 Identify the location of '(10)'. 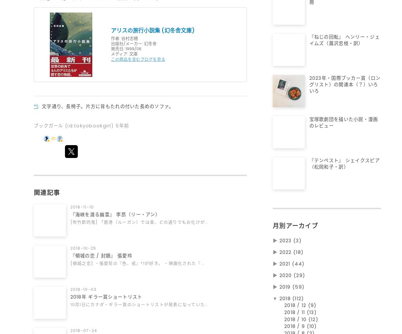
(311, 329).